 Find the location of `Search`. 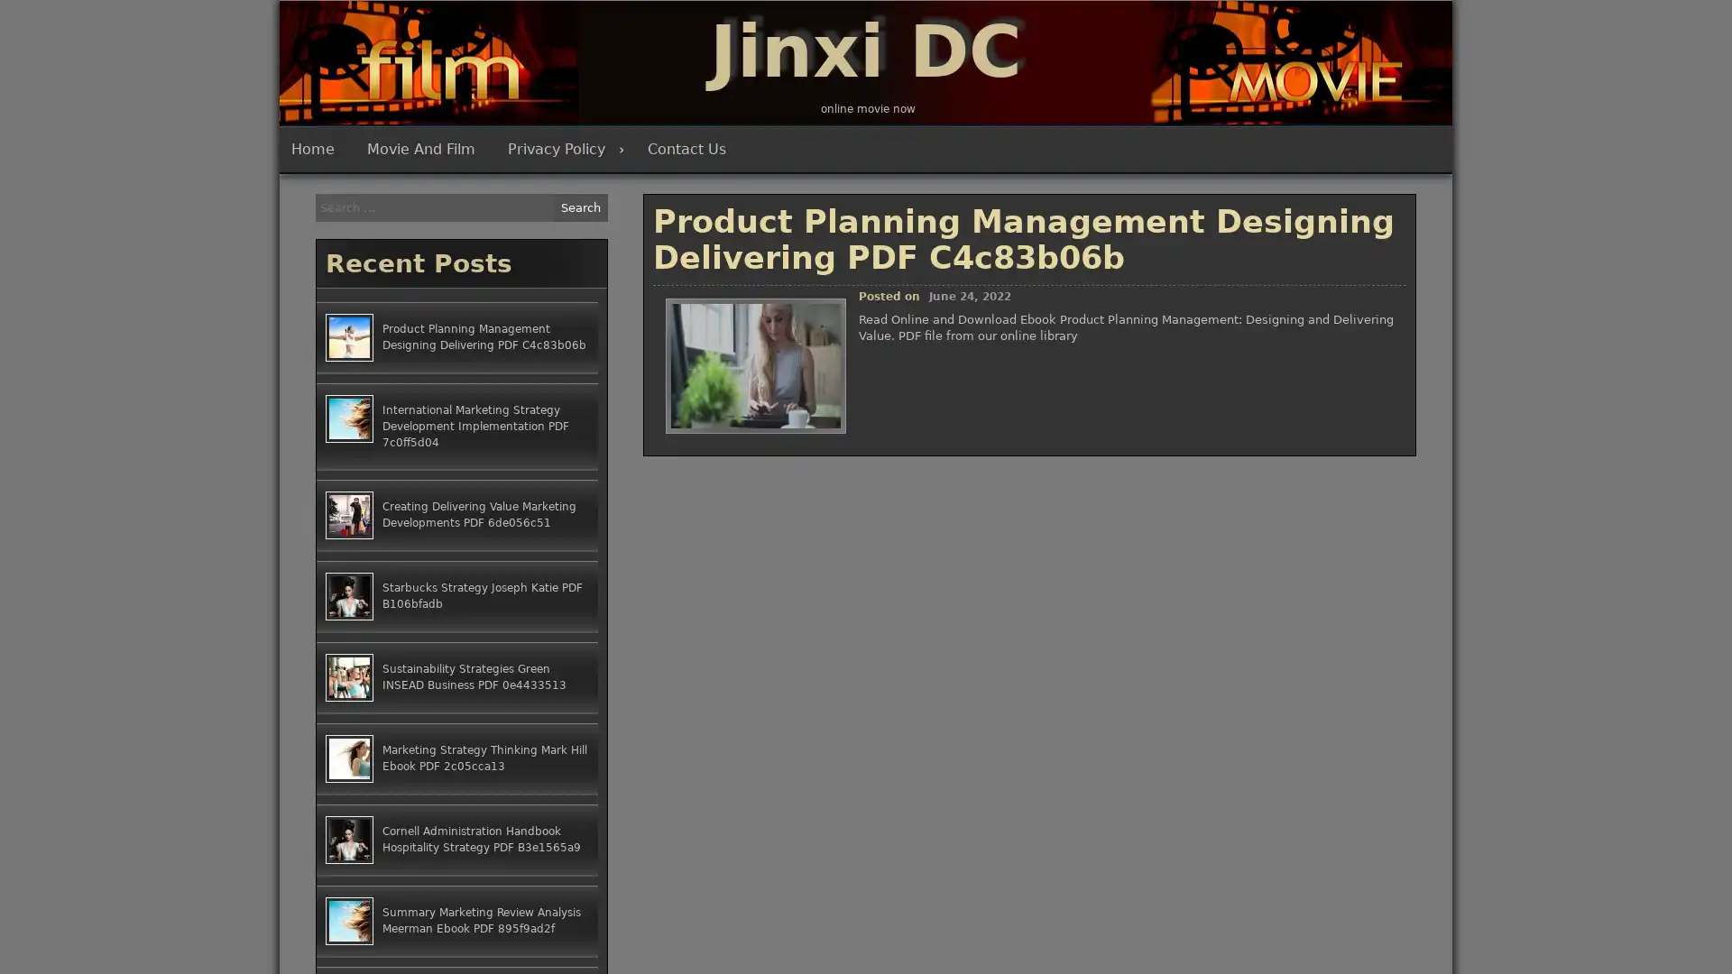

Search is located at coordinates (580, 207).